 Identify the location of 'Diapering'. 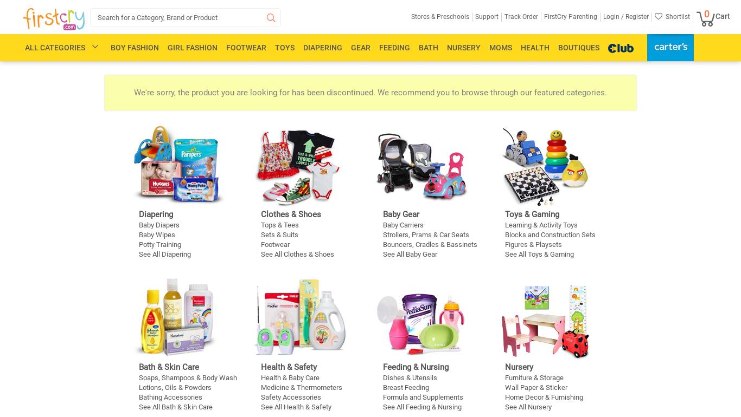
(322, 47).